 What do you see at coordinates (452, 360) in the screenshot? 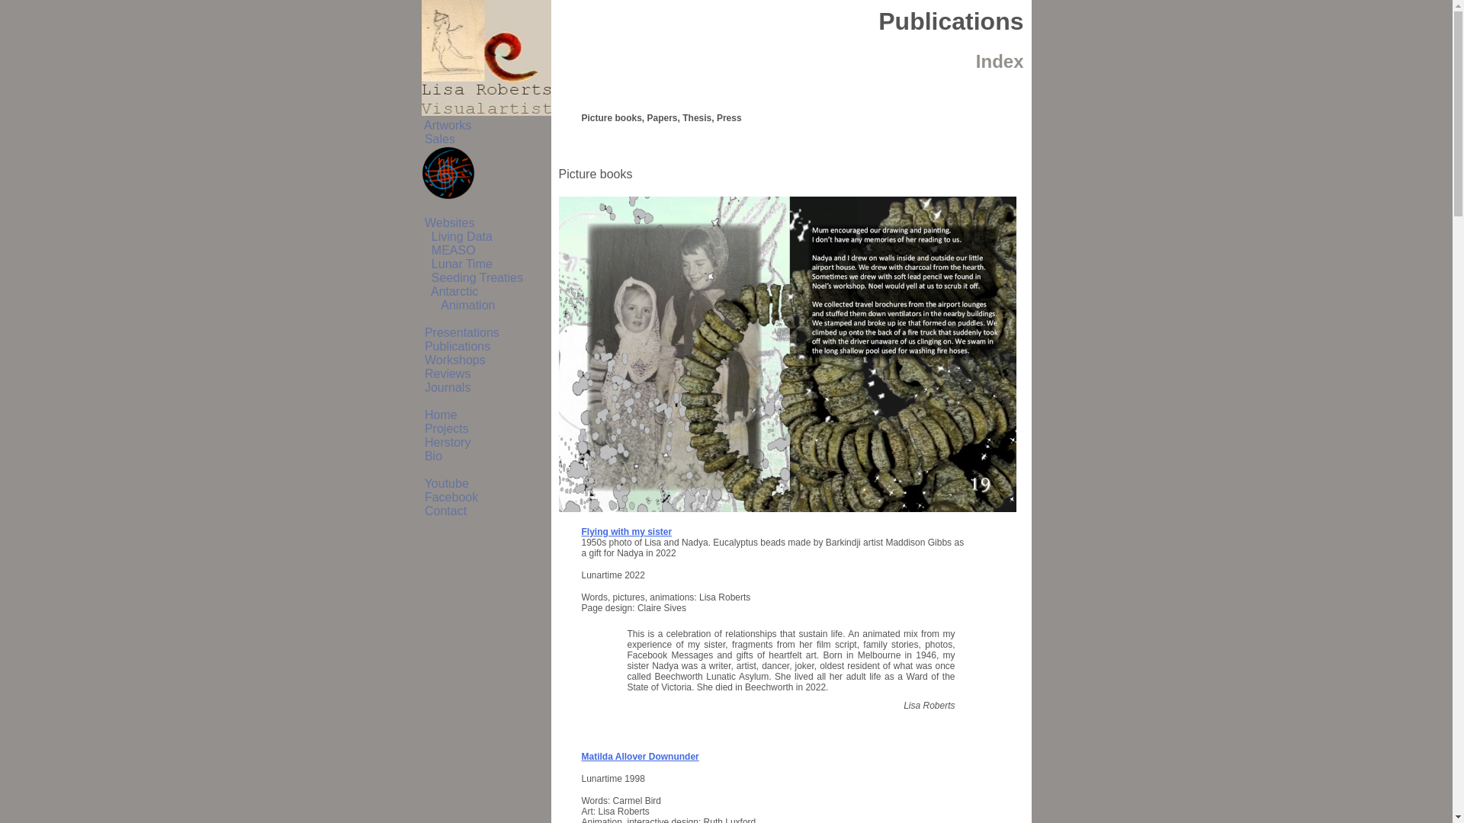
I see `' Workshops'` at bounding box center [452, 360].